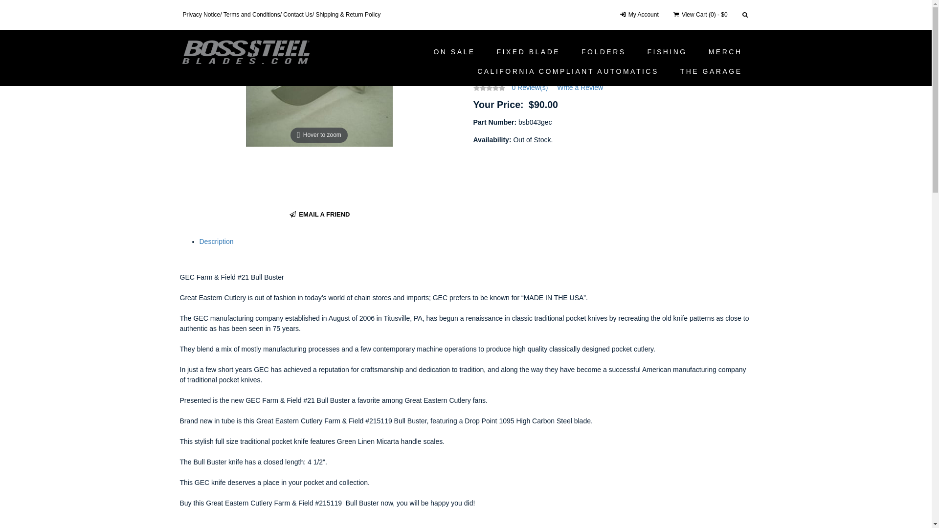 The height and width of the screenshot is (528, 939). What do you see at coordinates (738, 15) in the screenshot?
I see `'Search'` at bounding box center [738, 15].